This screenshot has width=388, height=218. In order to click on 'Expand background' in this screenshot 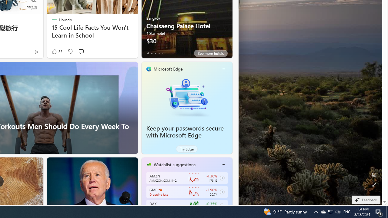, I will do `click(373, 184)`.